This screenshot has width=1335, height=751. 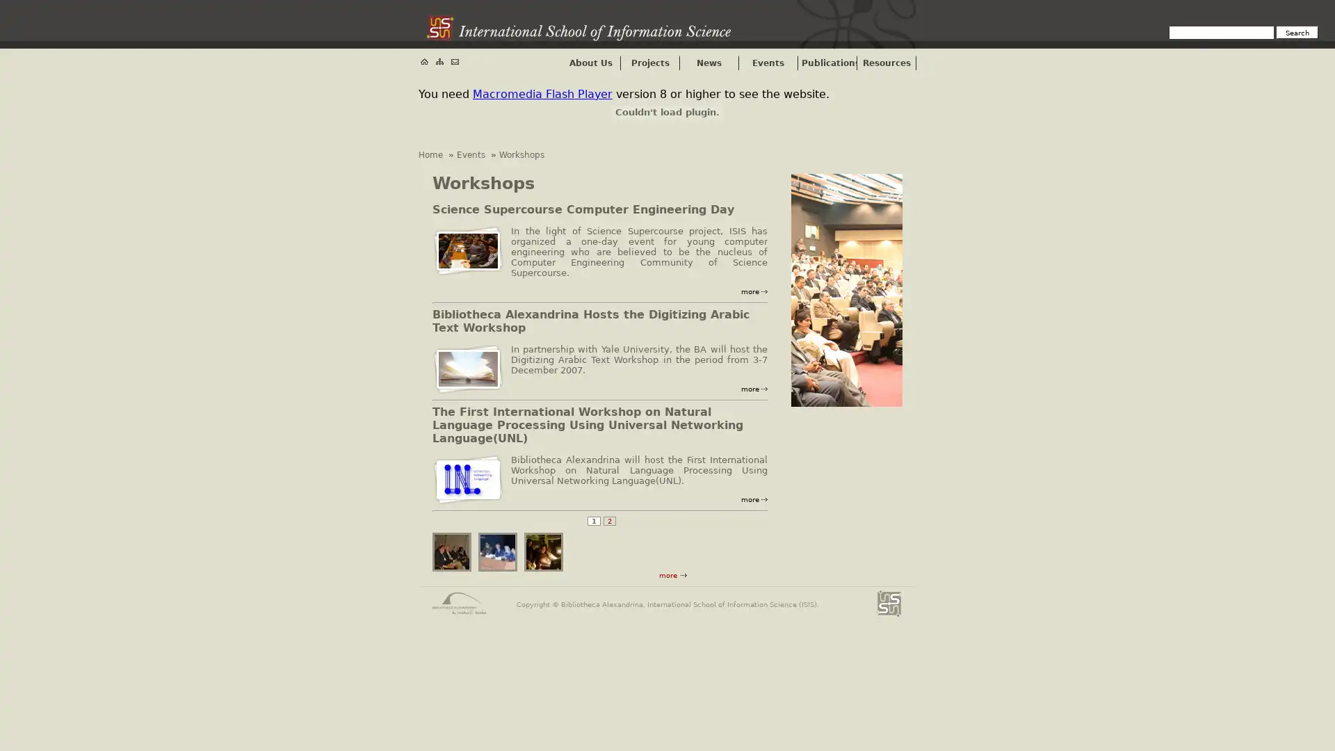 I want to click on Search, so click(x=1297, y=31).